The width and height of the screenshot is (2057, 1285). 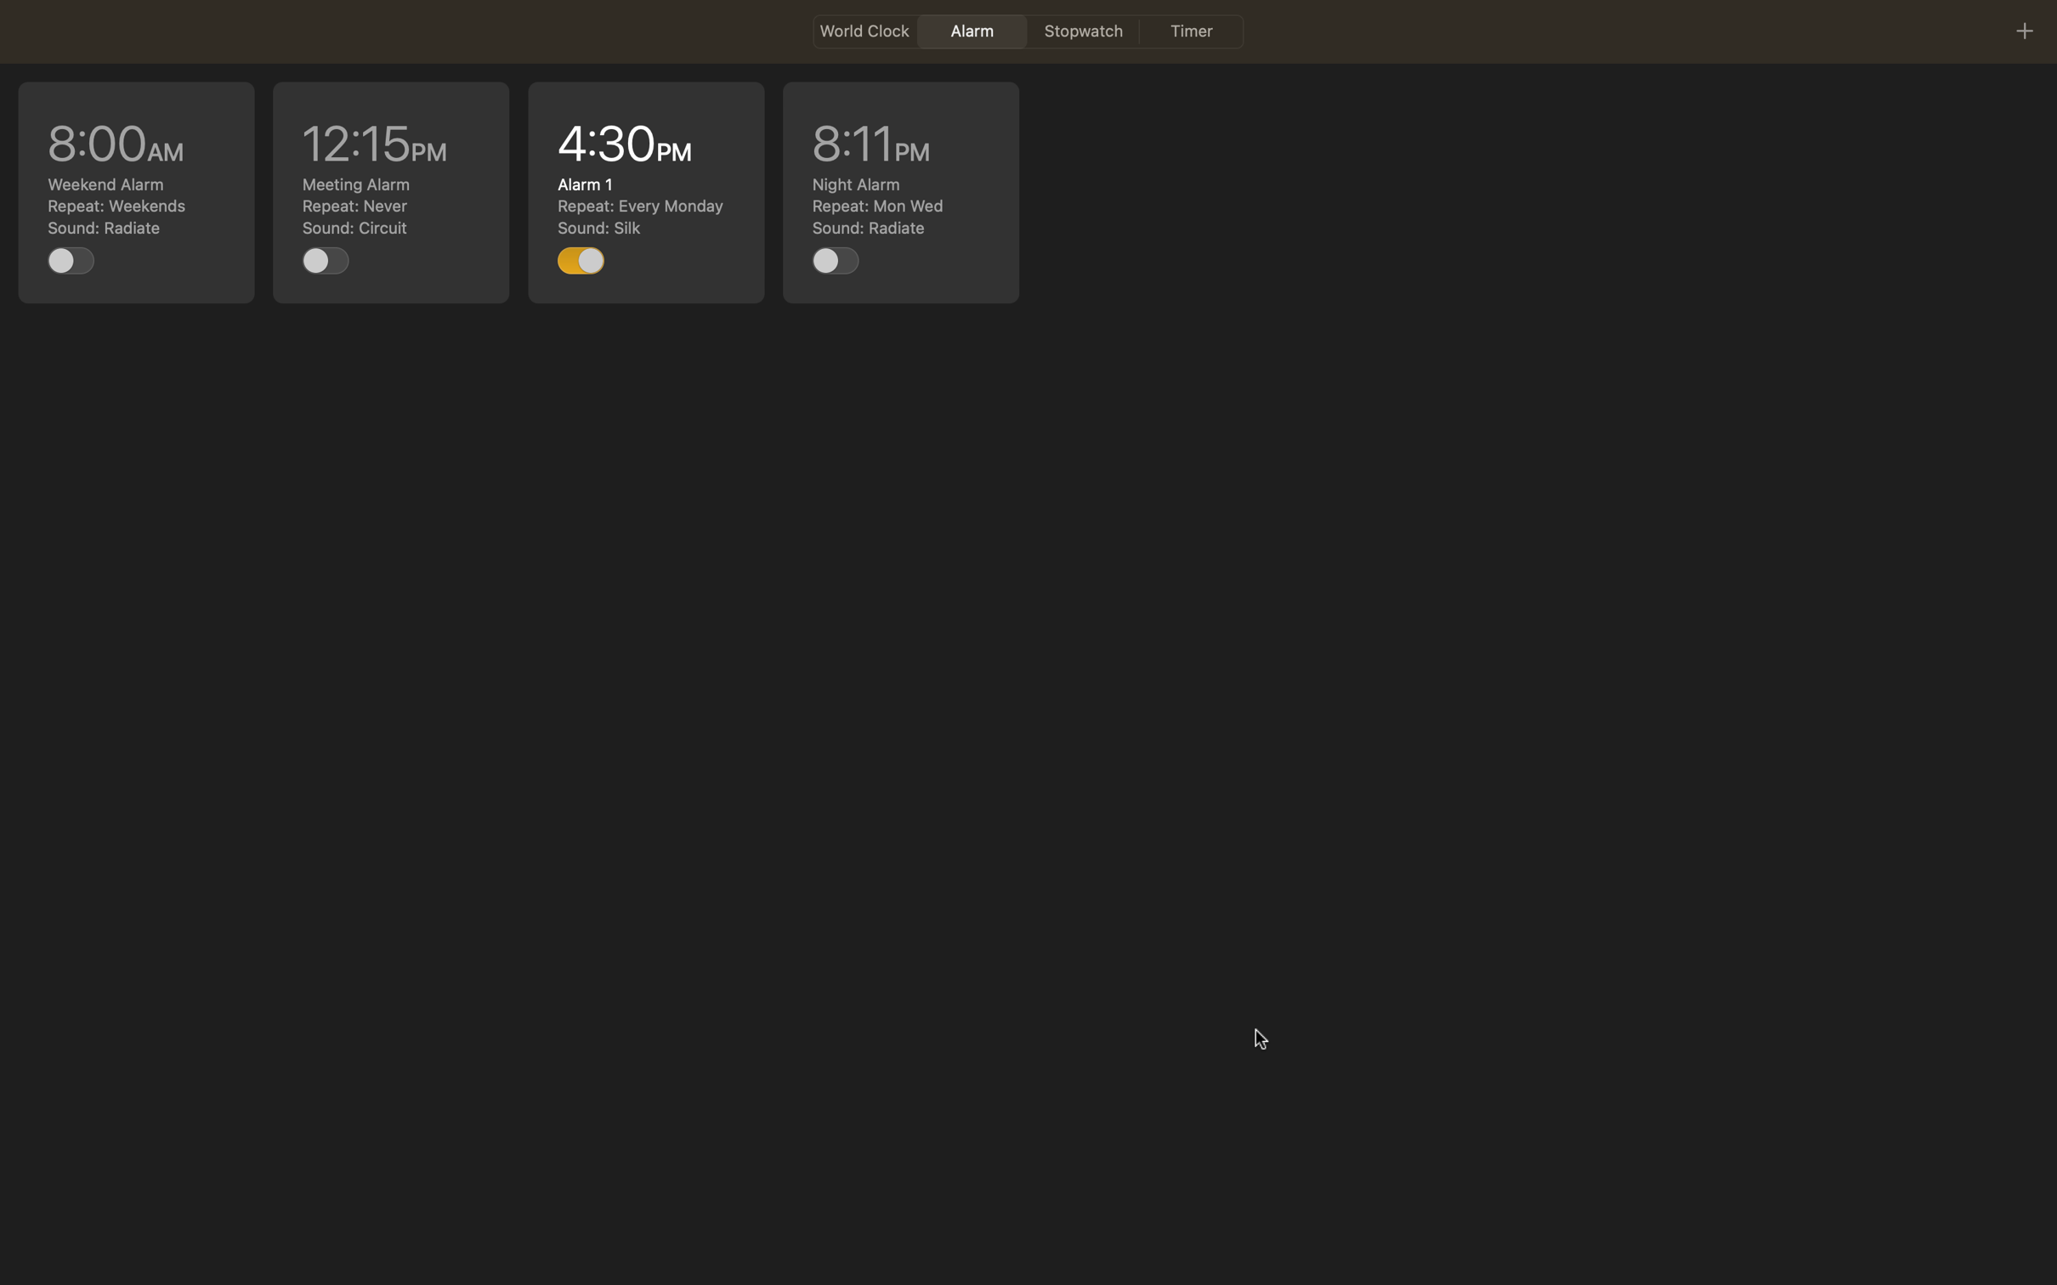 What do you see at coordinates (137, 191) in the screenshot?
I see `Update the task set for 8am` at bounding box center [137, 191].